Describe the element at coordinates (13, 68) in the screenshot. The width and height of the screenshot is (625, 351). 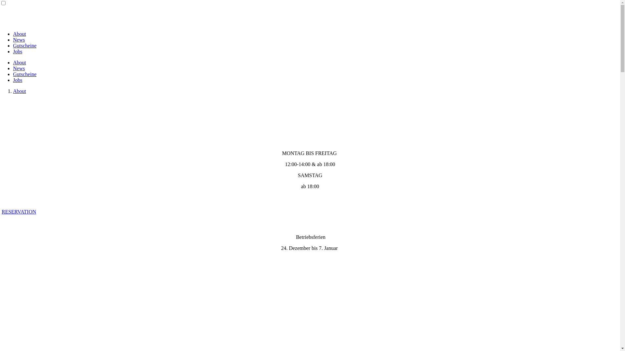
I see `'News'` at that location.